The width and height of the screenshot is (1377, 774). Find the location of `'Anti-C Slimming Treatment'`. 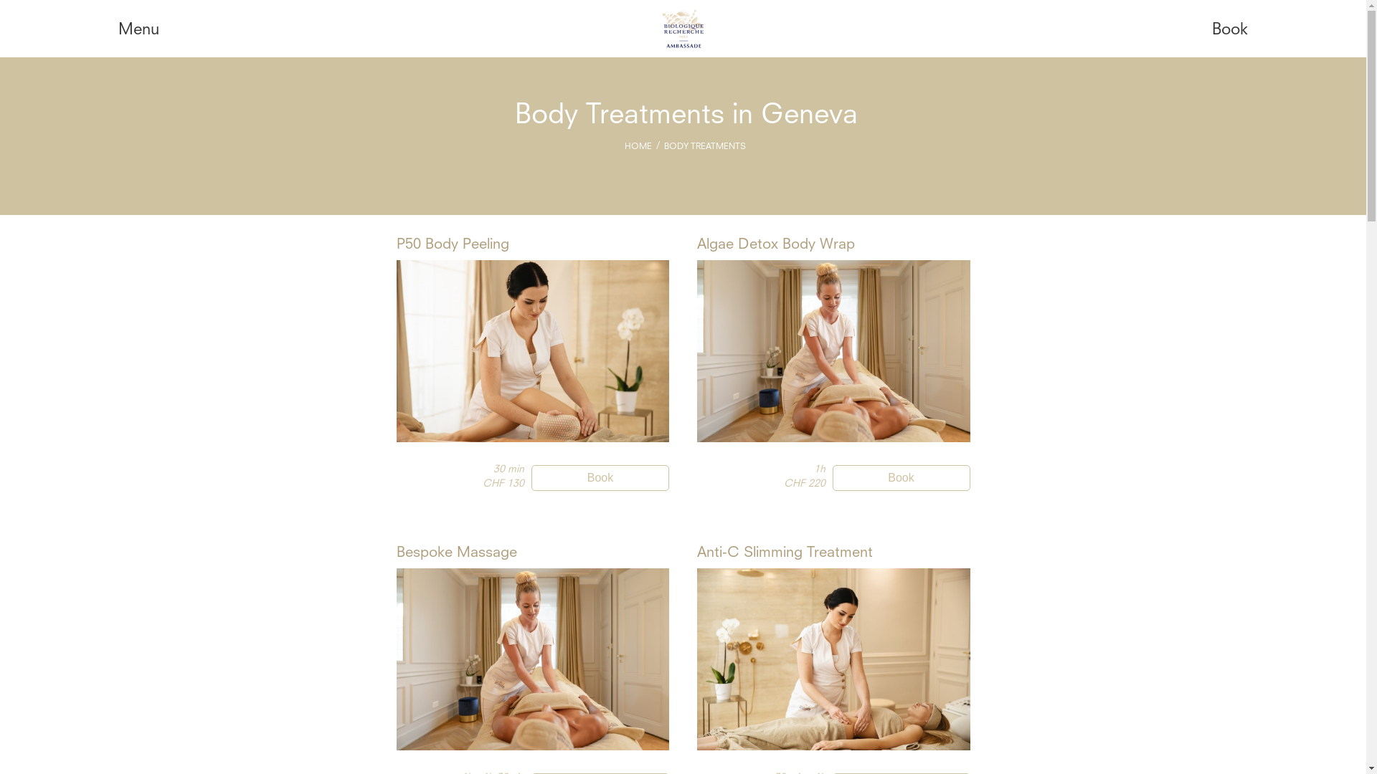

'Anti-C Slimming Treatment' is located at coordinates (784, 552).